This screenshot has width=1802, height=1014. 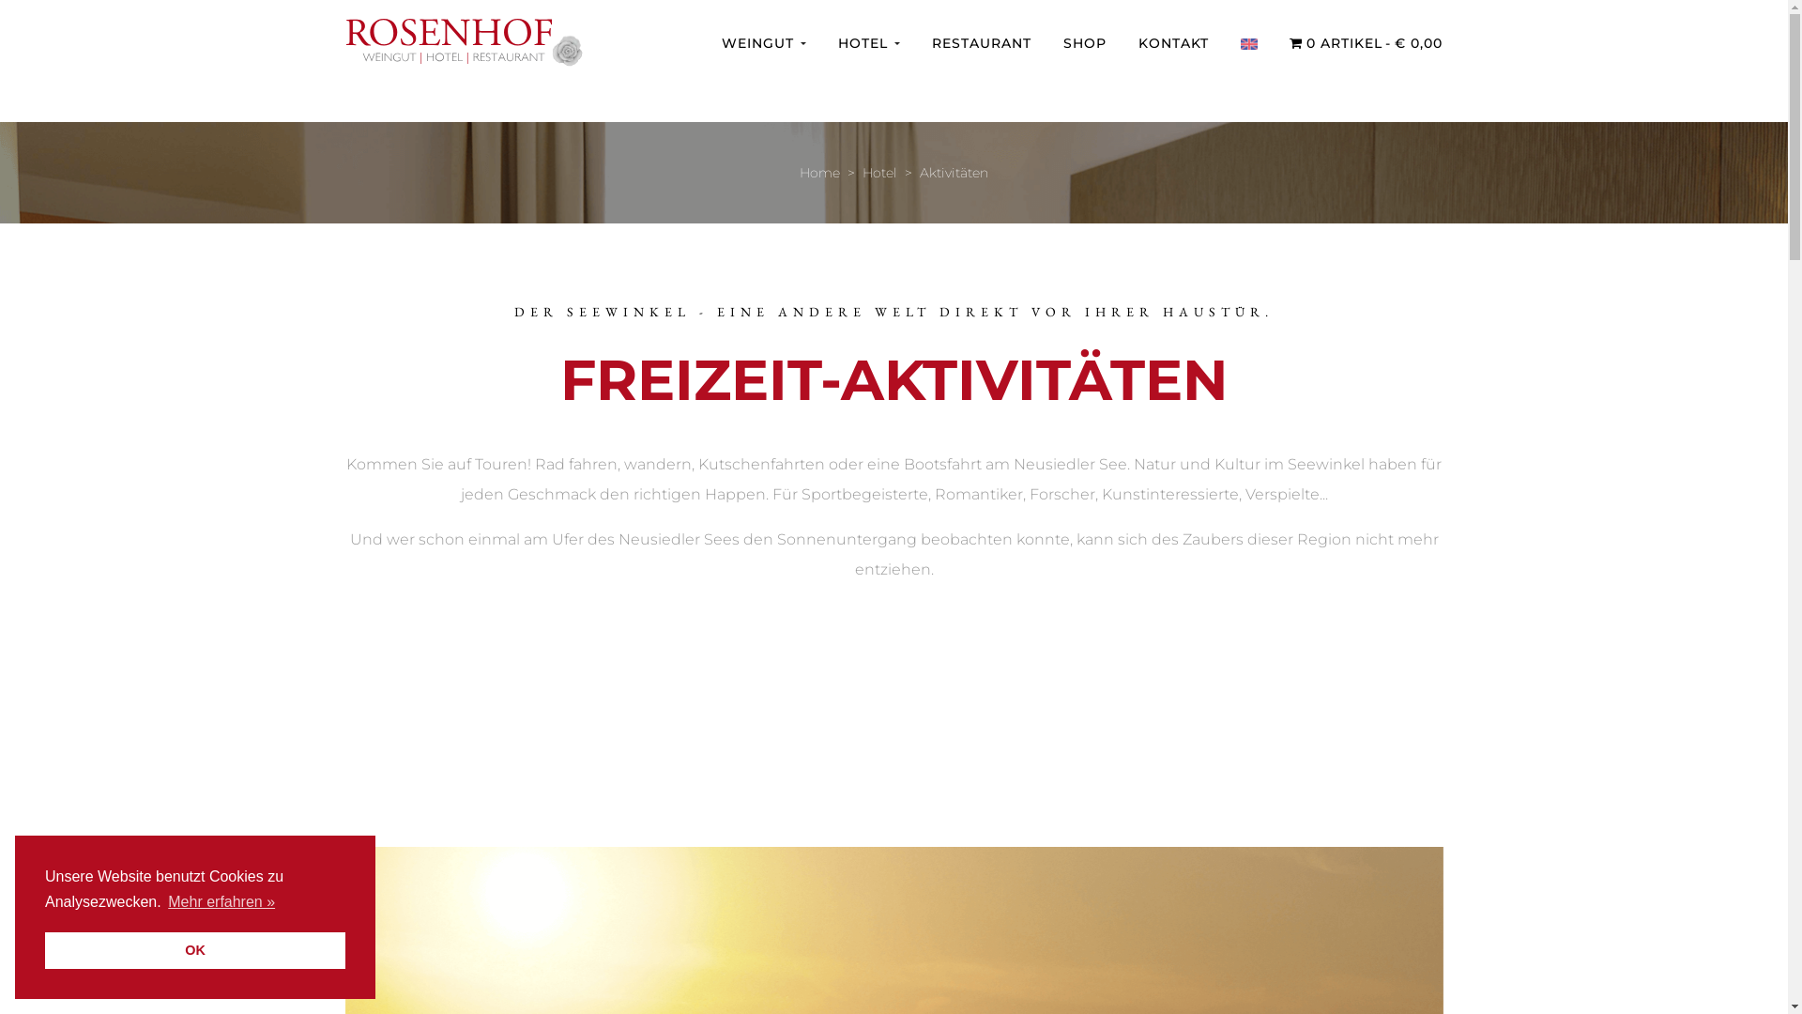 What do you see at coordinates (868, 42) in the screenshot?
I see `'HOTEL'` at bounding box center [868, 42].